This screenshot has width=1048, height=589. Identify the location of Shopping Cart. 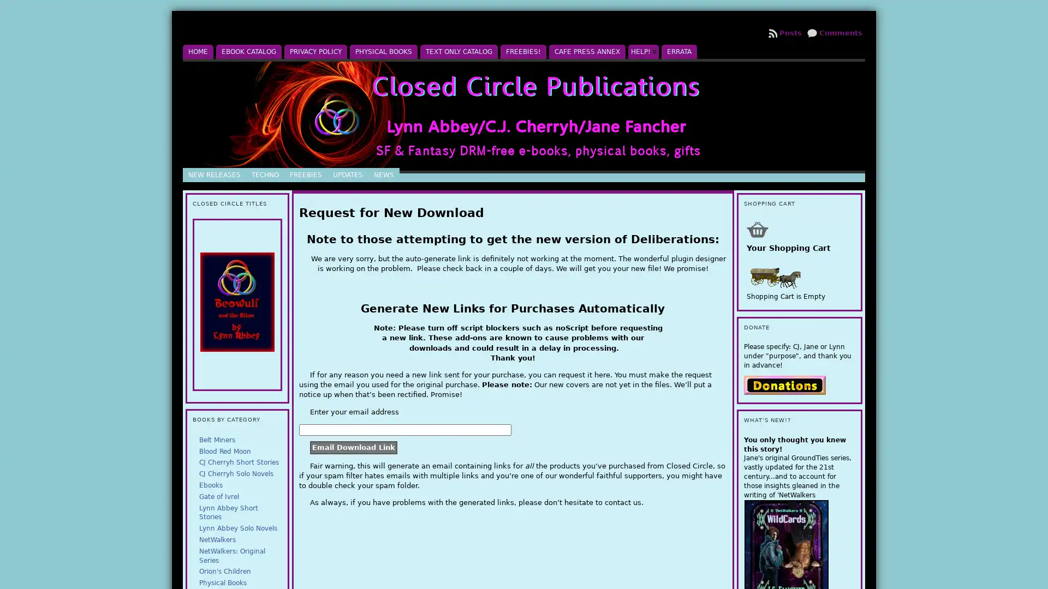
(757, 229).